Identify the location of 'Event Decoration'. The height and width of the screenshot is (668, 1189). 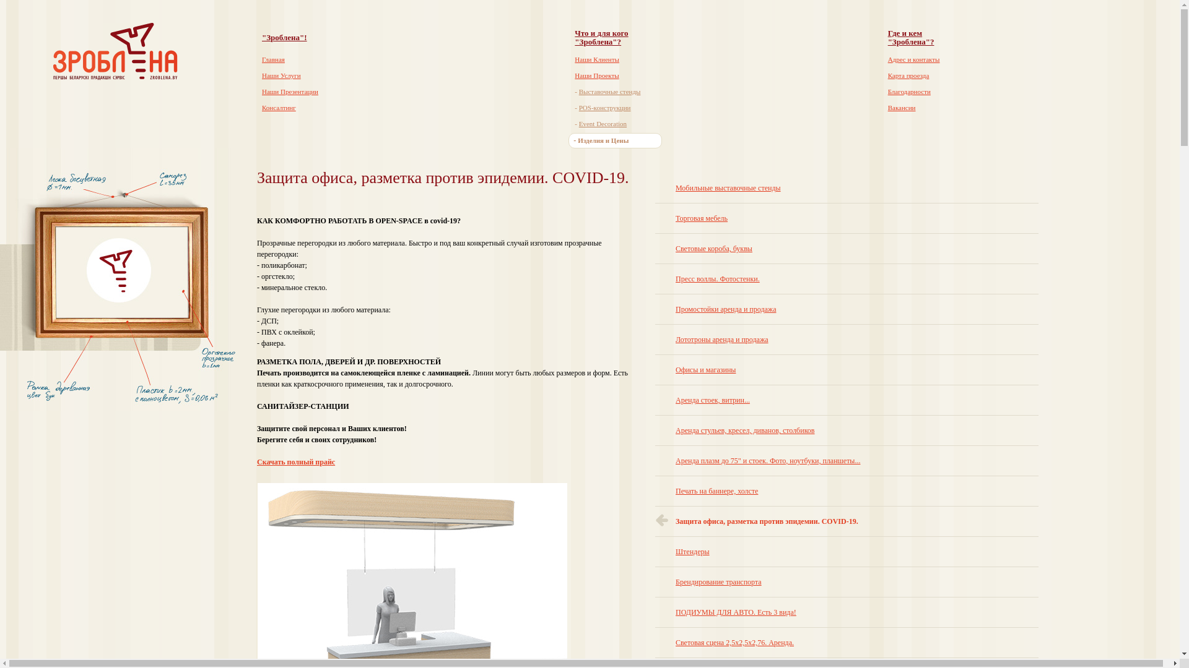
(603, 124).